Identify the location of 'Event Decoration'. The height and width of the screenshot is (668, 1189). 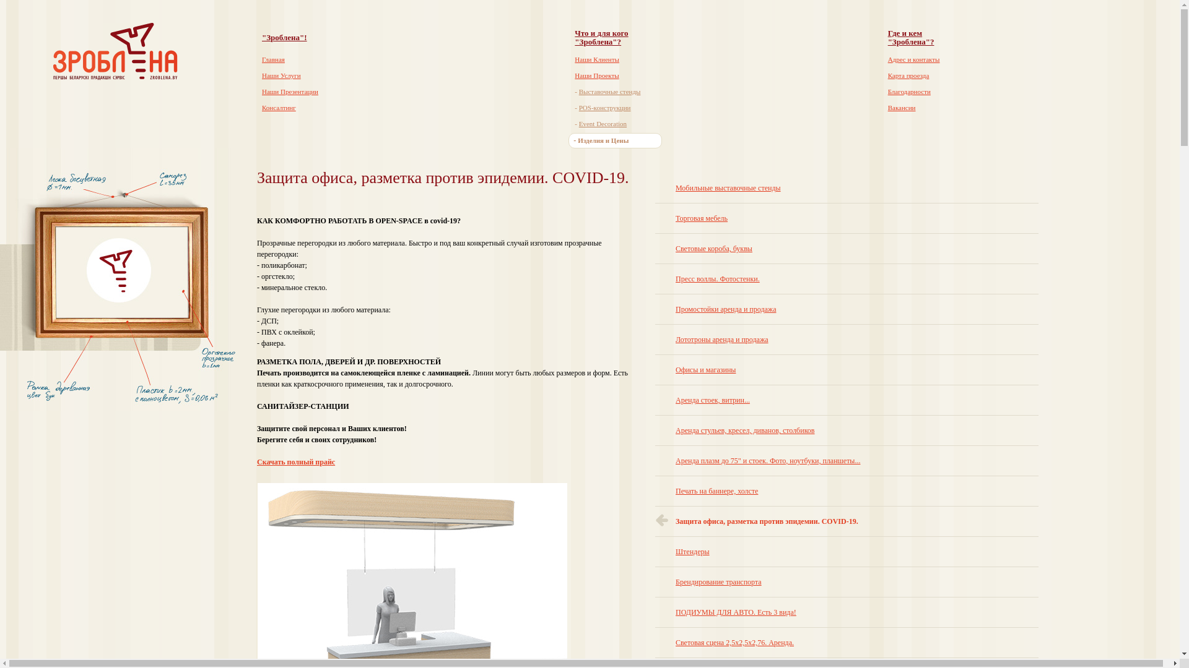
(603, 124).